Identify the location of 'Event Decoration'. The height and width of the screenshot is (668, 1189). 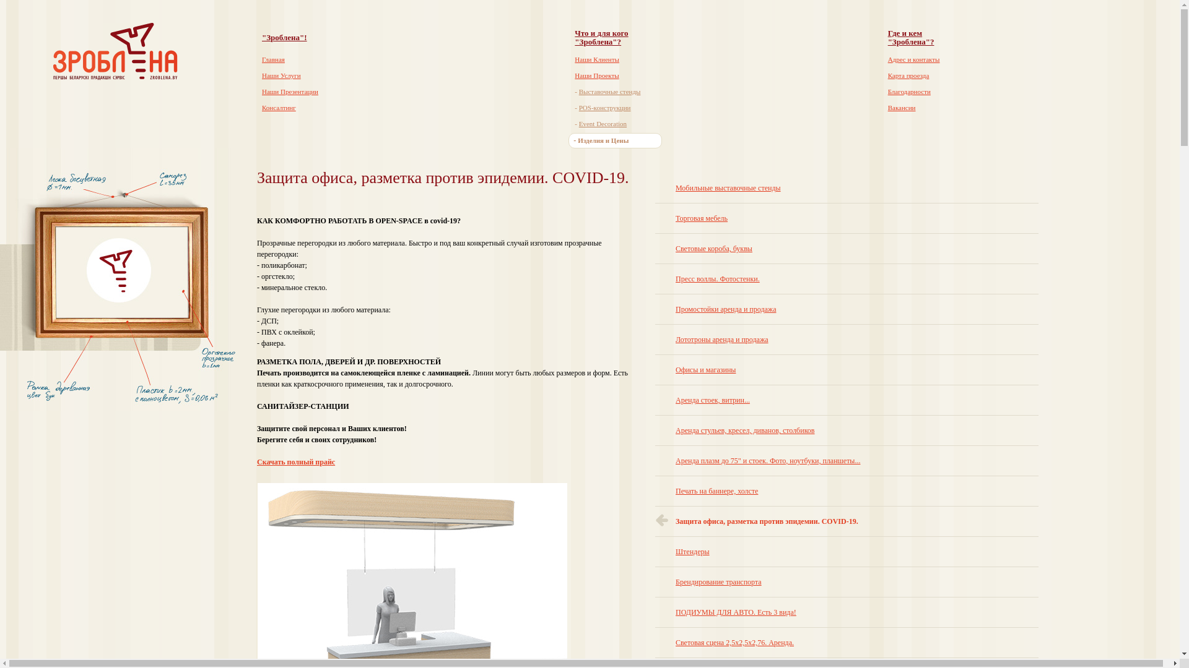
(603, 124).